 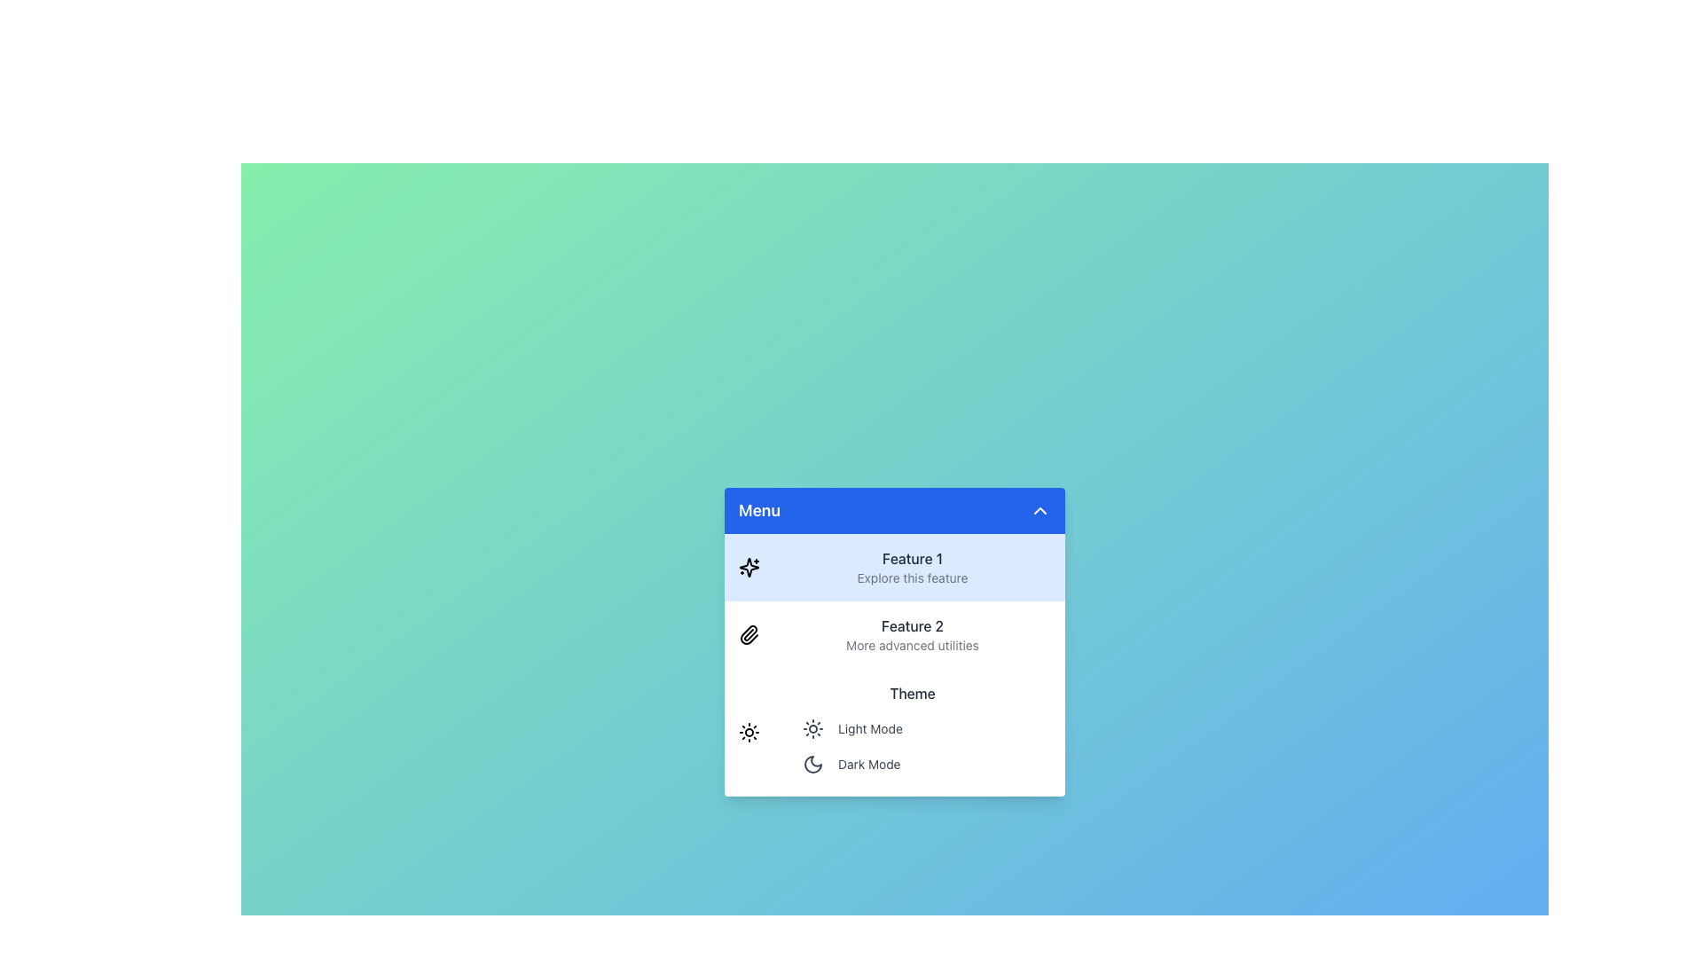 I want to click on the moon-shaped icon representing 'dark mode' located to the left of the 'Dark Mode' text label within the 'Theme' section of the dropdown menu, so click(x=812, y=763).